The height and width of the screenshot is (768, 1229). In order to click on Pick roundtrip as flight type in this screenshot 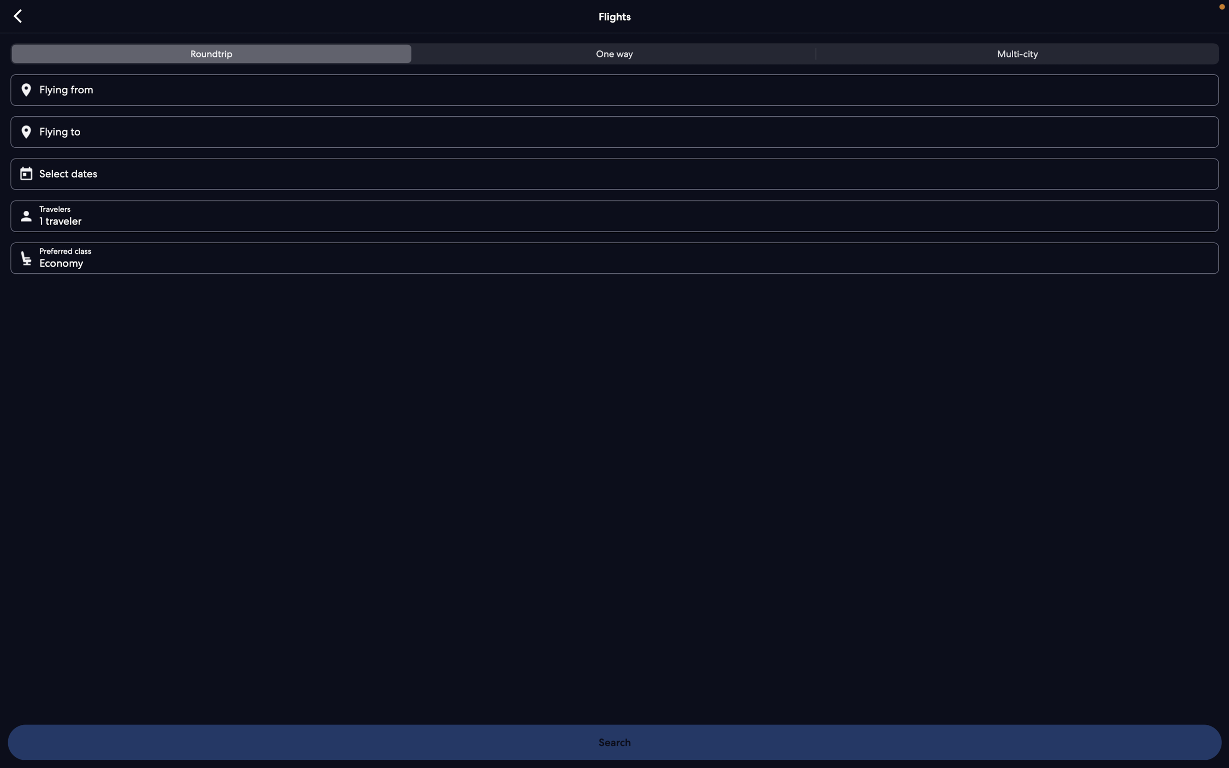, I will do `click(212, 54)`.